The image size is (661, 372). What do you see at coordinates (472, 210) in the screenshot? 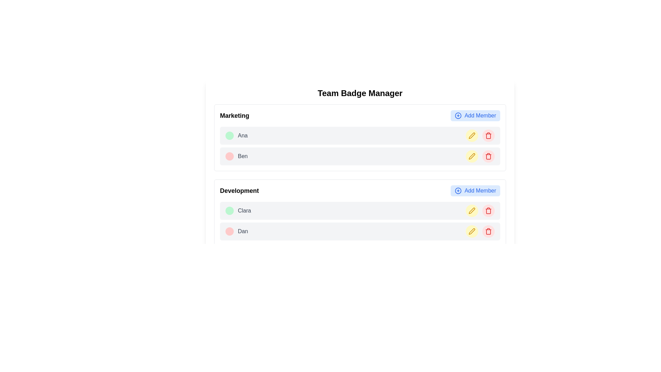
I see `the yellow pen icon within the clickable button` at bounding box center [472, 210].